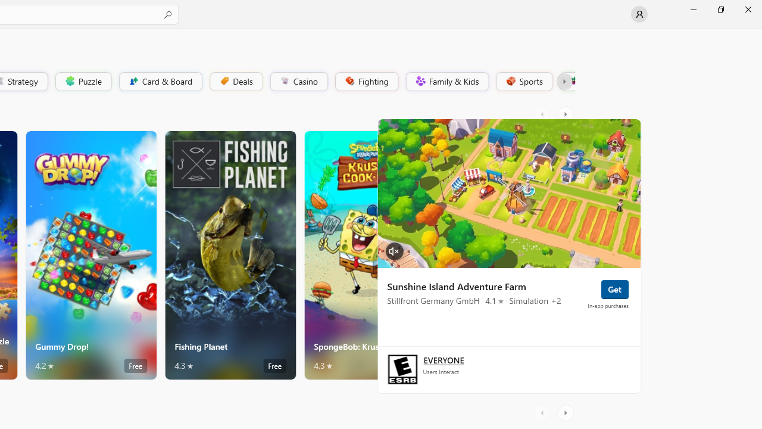 The width and height of the screenshot is (762, 429). Describe the element at coordinates (446, 80) in the screenshot. I see `'Family & Kids'` at that location.